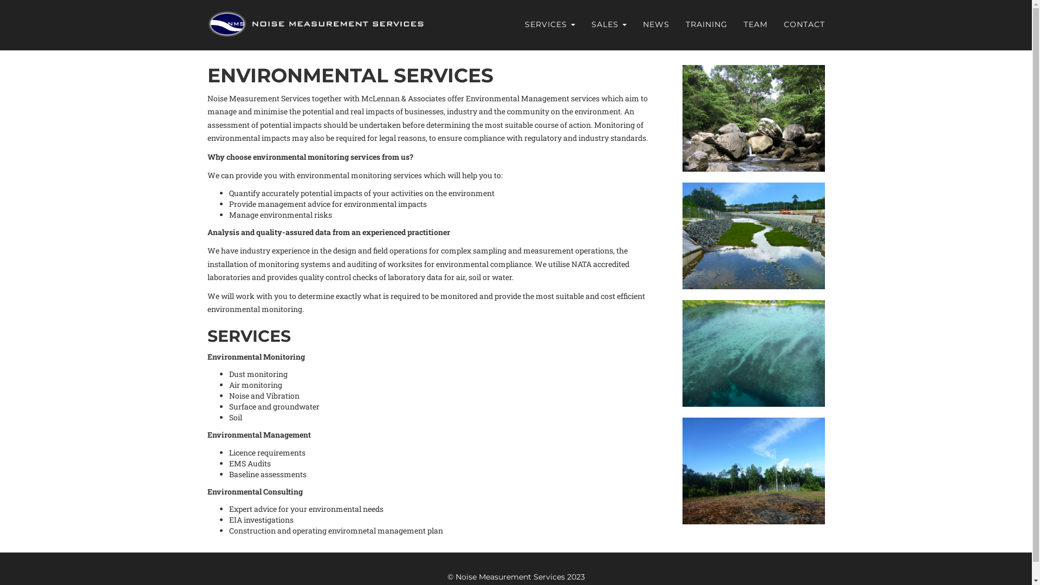 The height and width of the screenshot is (585, 1040). Describe the element at coordinates (804, 24) in the screenshot. I see `'CONTACT'` at that location.